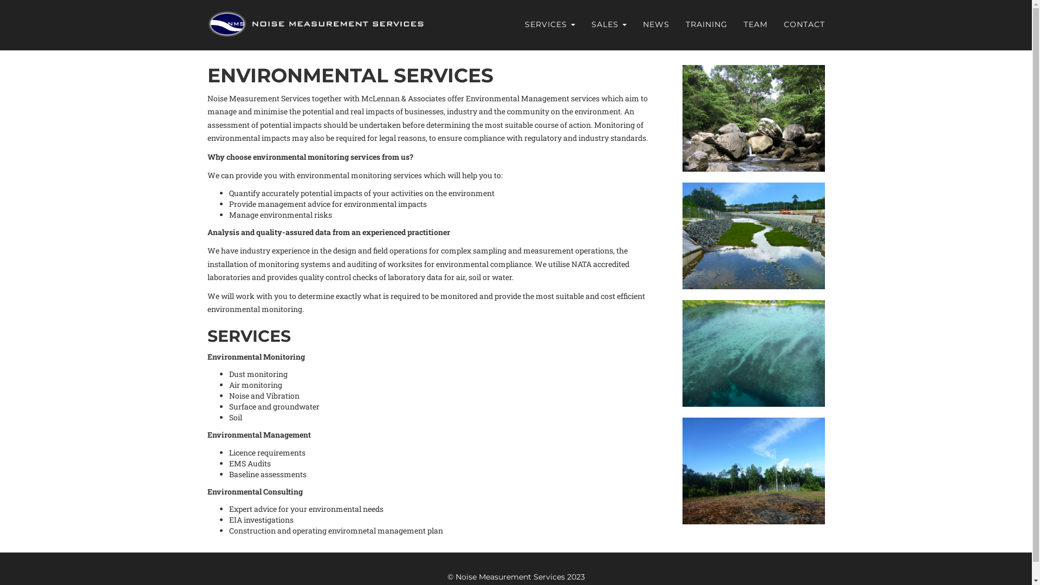 The height and width of the screenshot is (585, 1040). Describe the element at coordinates (804, 24) in the screenshot. I see `'CONTACT'` at that location.